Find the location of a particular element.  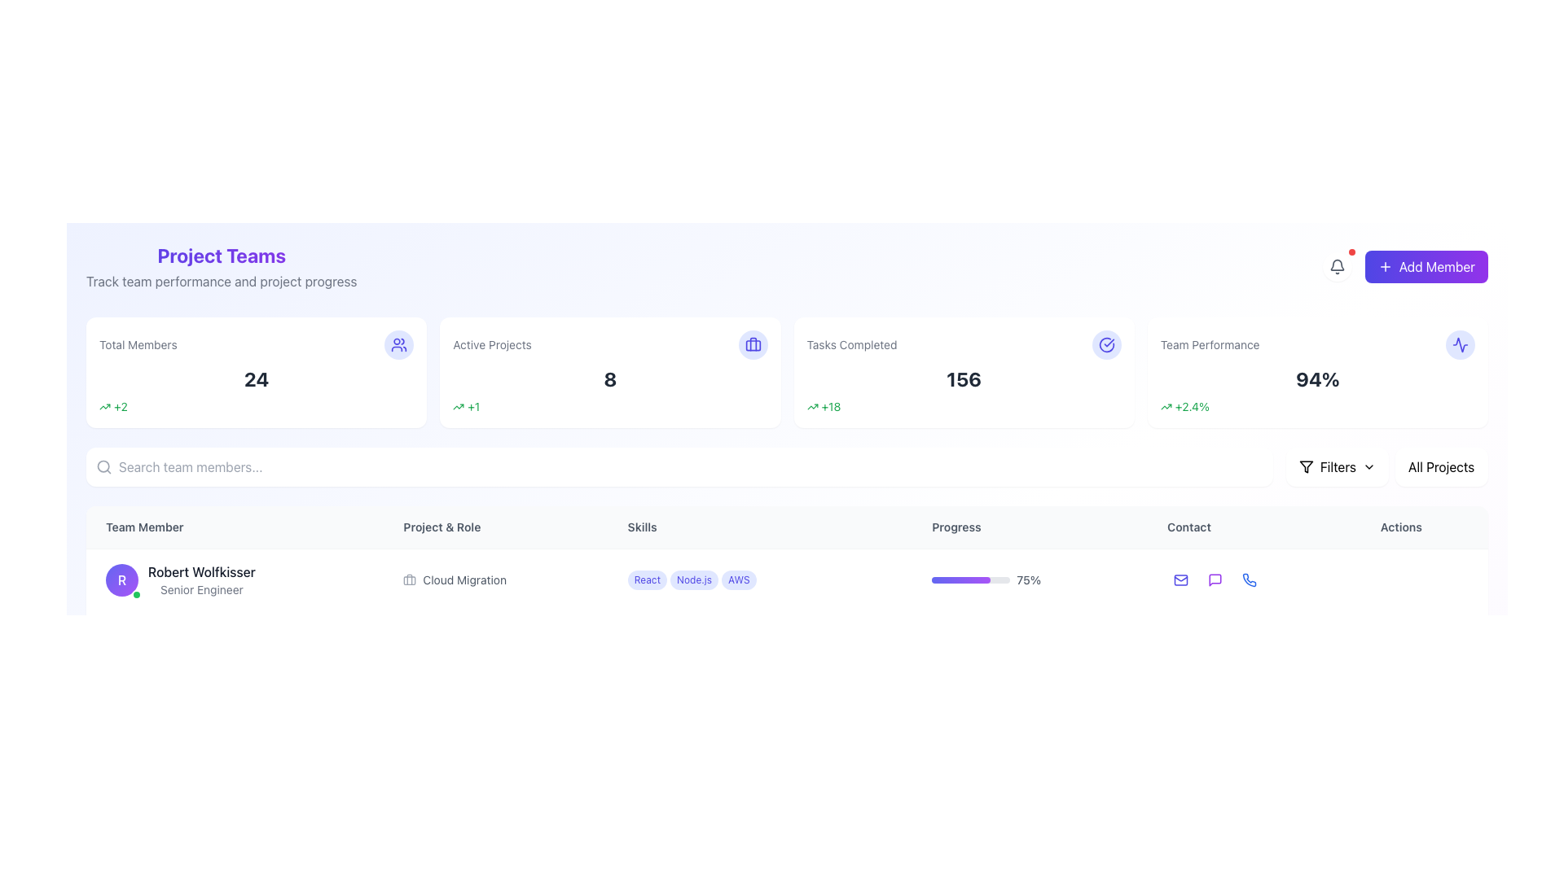

text label indicating the role or project associated with the user 'Robert Wolfkisser', positioned in the 'Project & Role' section of the table row, located to the right of the briefcase icon is located at coordinates (463, 579).